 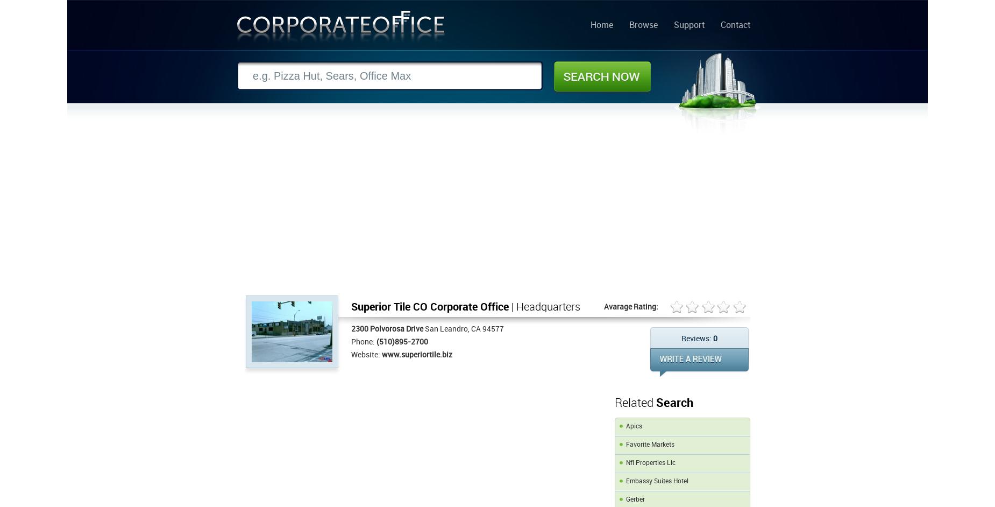 I want to click on 'Nfl Properties Llc', so click(x=650, y=463).